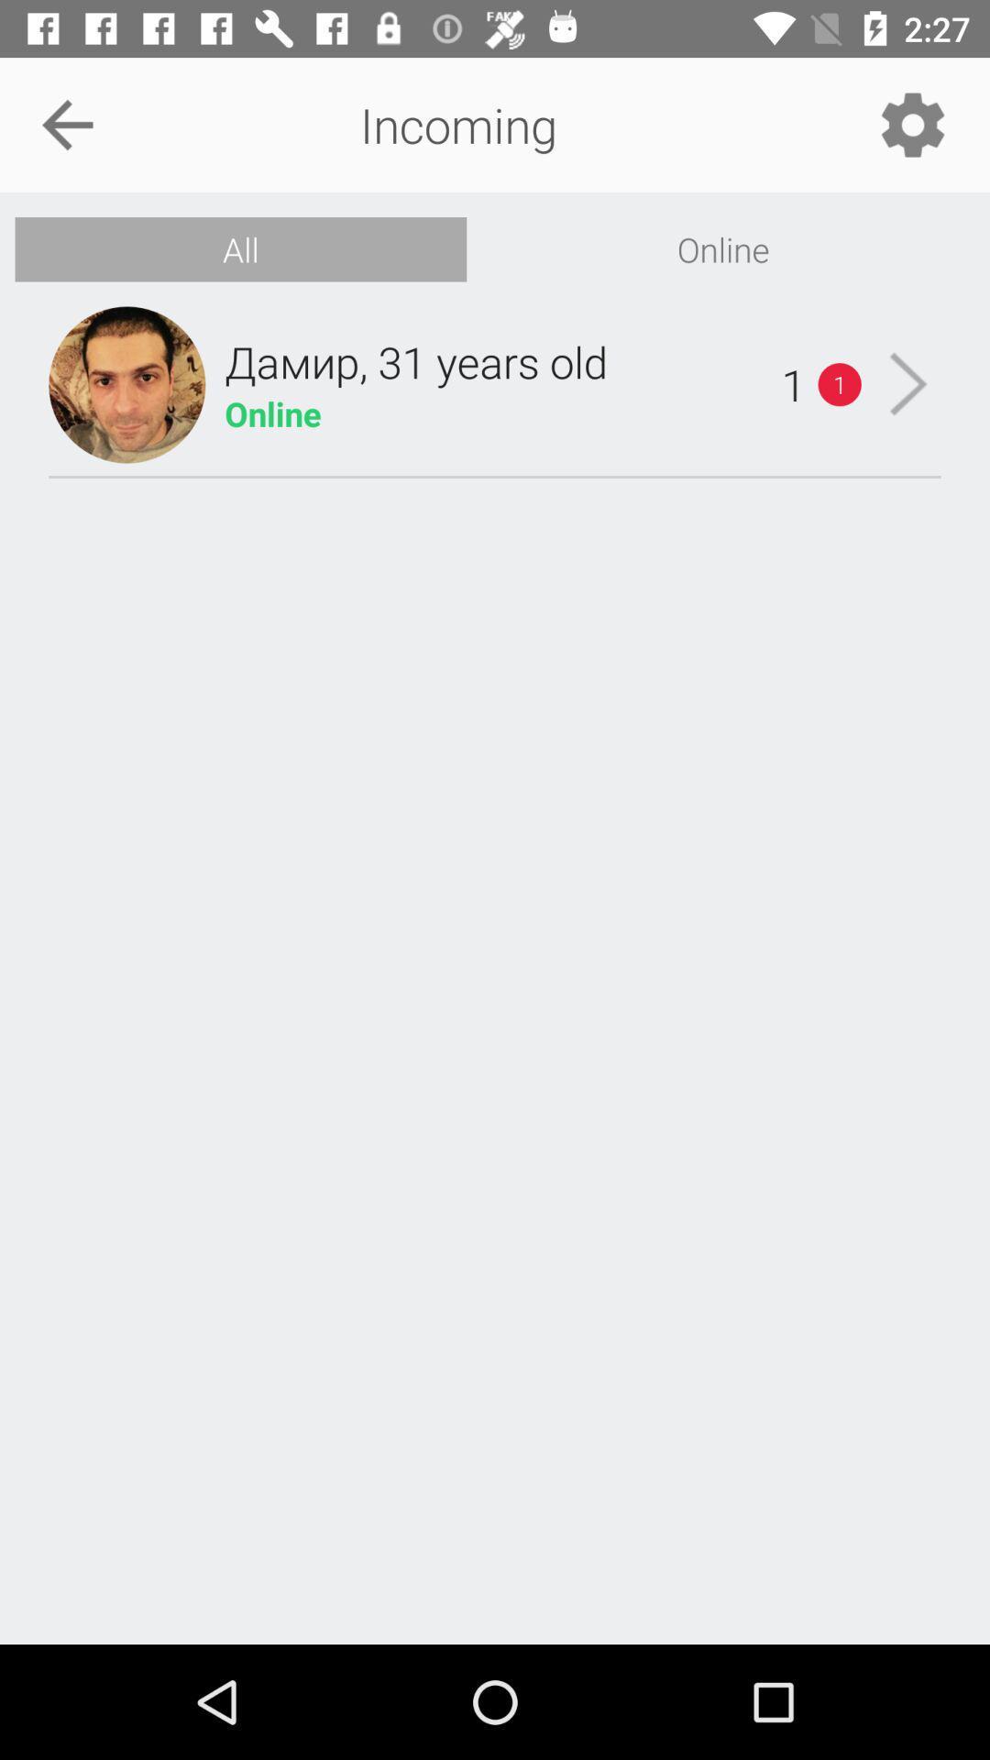  I want to click on icon below the online, so click(908, 383).